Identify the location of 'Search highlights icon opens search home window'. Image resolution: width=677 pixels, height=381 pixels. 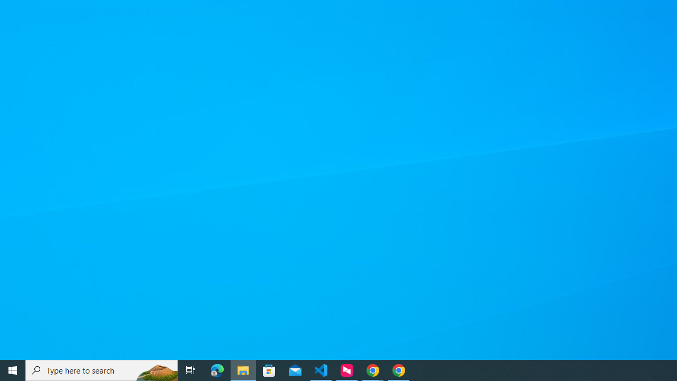
(155, 369).